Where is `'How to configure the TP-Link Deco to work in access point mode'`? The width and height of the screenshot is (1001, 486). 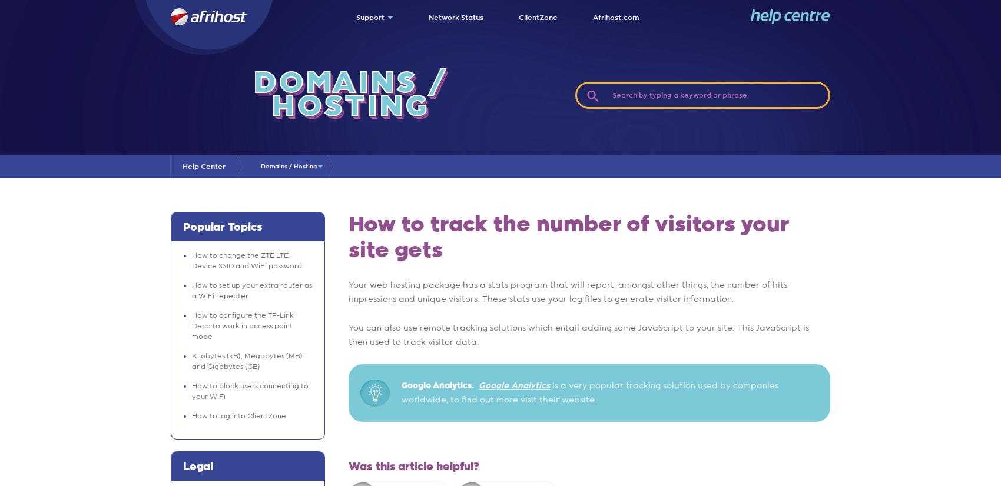
'How to configure the TP-Link Deco to work in access point mode' is located at coordinates (242, 325).